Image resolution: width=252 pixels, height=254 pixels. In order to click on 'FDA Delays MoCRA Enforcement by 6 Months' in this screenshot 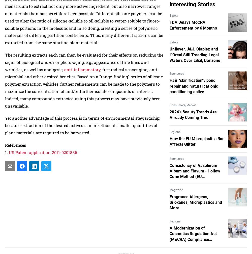, I will do `click(193, 25)`.